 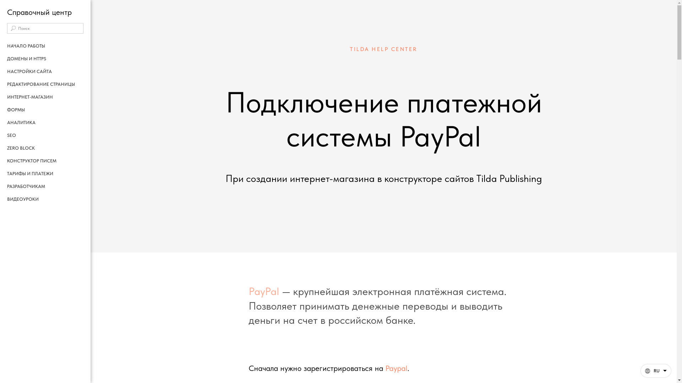 I want to click on 'PayPal', so click(x=249, y=291).